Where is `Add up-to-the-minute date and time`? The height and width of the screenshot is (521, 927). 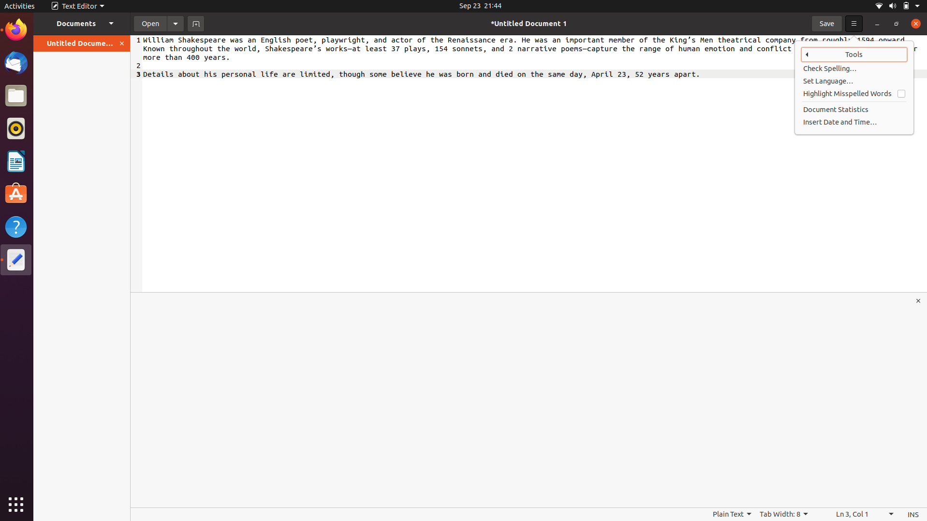
Add up-to-the-minute date and time is located at coordinates (854, 121).